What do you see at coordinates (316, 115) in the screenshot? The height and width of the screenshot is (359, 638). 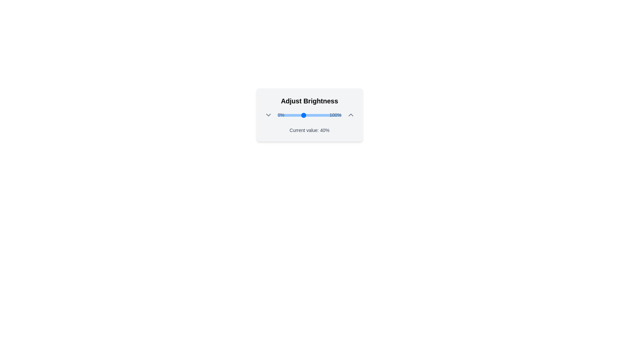 I see `brightness` at bounding box center [316, 115].